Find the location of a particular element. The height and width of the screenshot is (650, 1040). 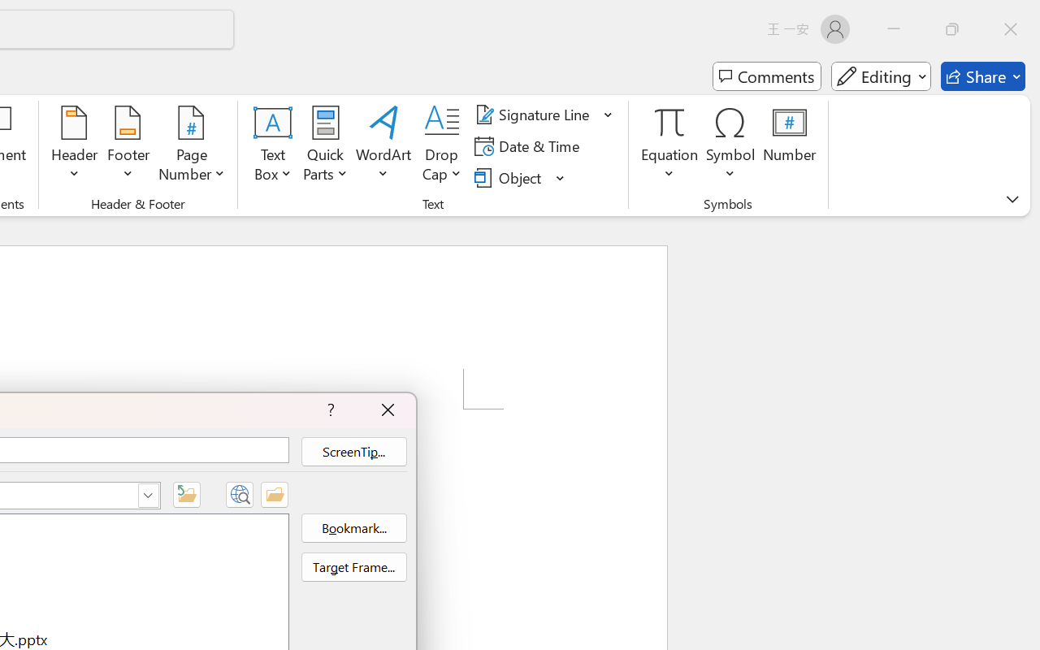

'Drop Cap' is located at coordinates (442, 145).